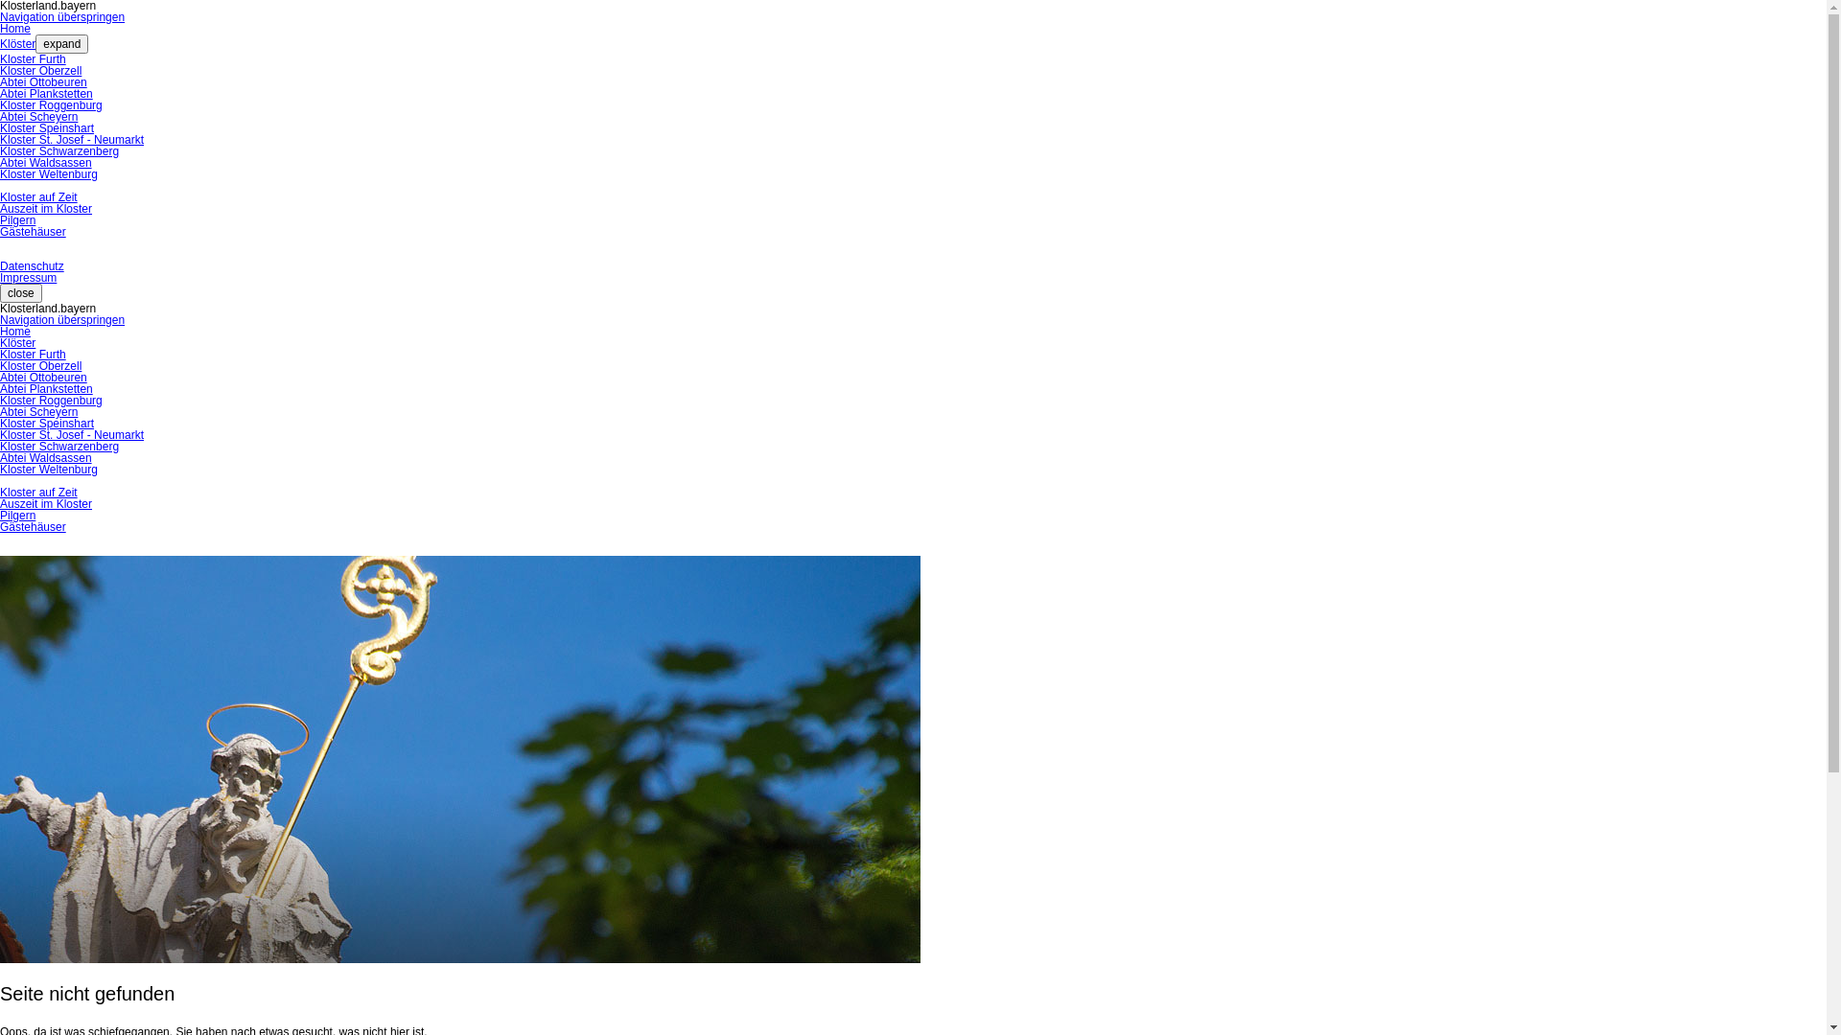  Describe the element at coordinates (43, 80) in the screenshot. I see `'Abtei Ottobeuren'` at that location.